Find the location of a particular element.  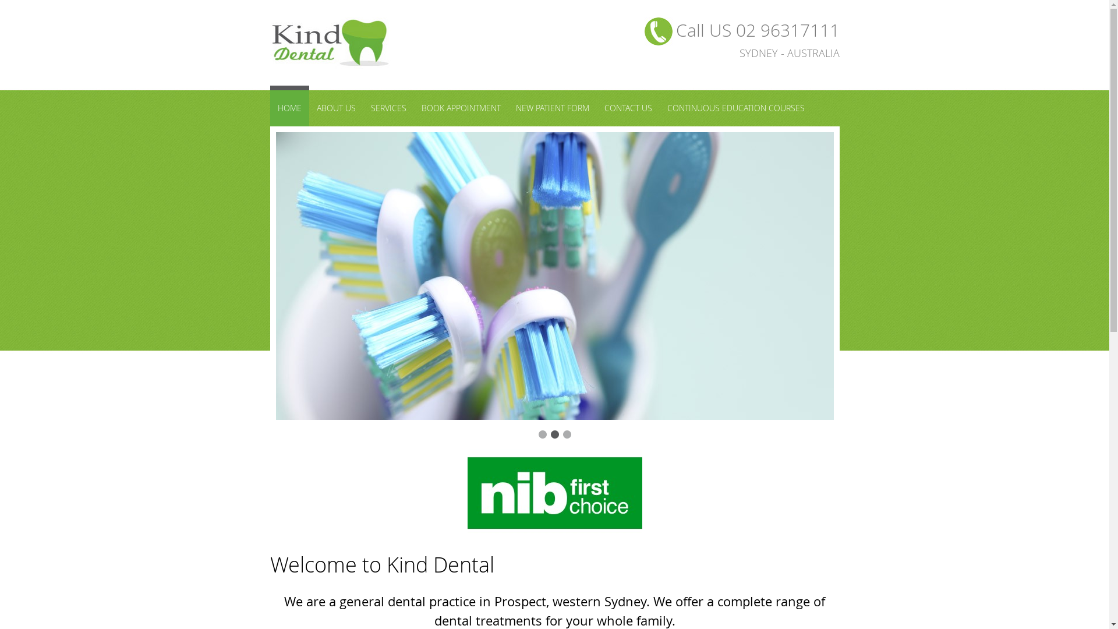

'BOOK APPOINTMENT' is located at coordinates (460, 108).